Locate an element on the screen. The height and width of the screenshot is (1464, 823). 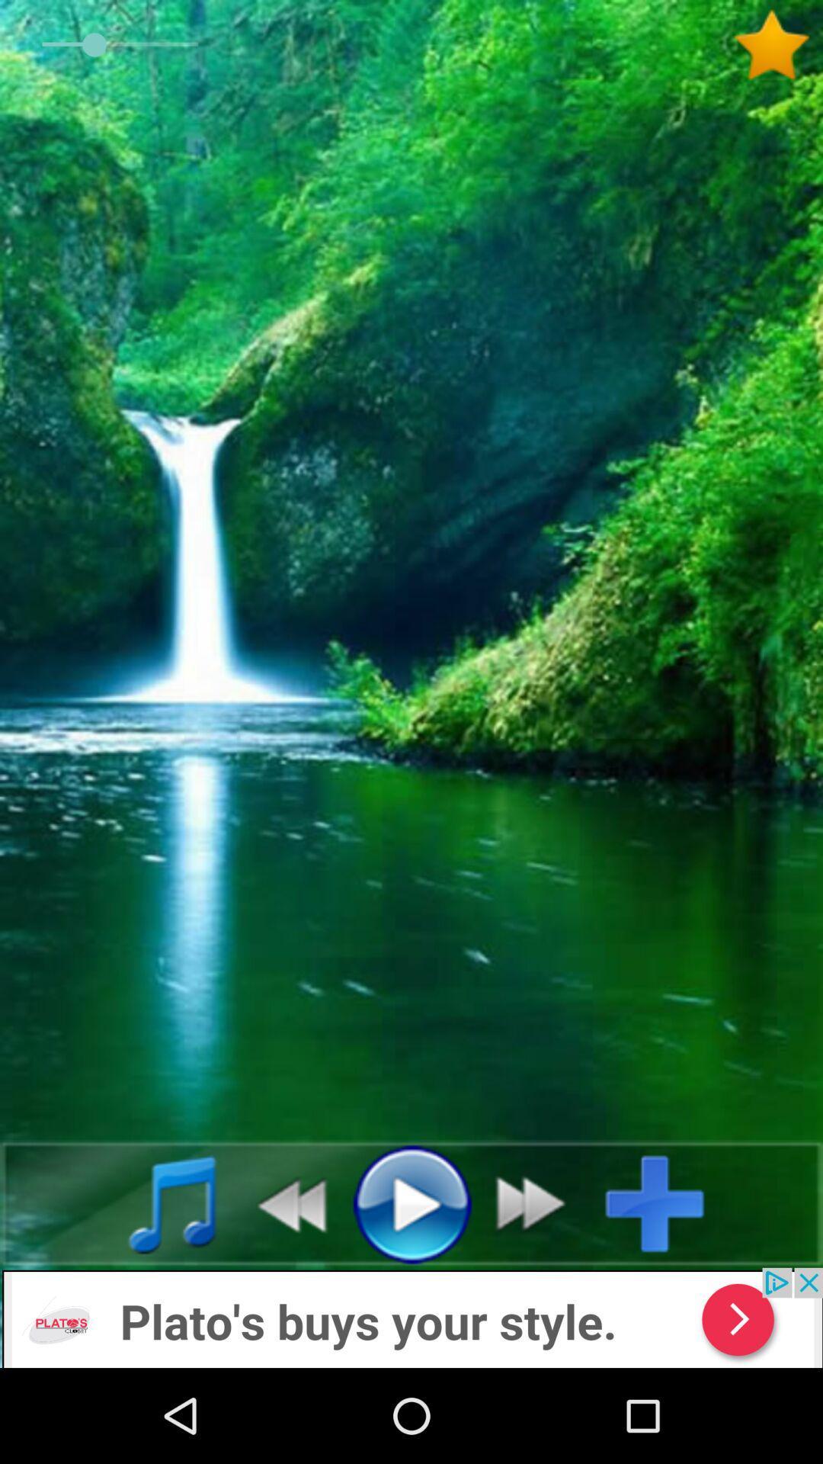
fast forward is located at coordinates (539, 1202).